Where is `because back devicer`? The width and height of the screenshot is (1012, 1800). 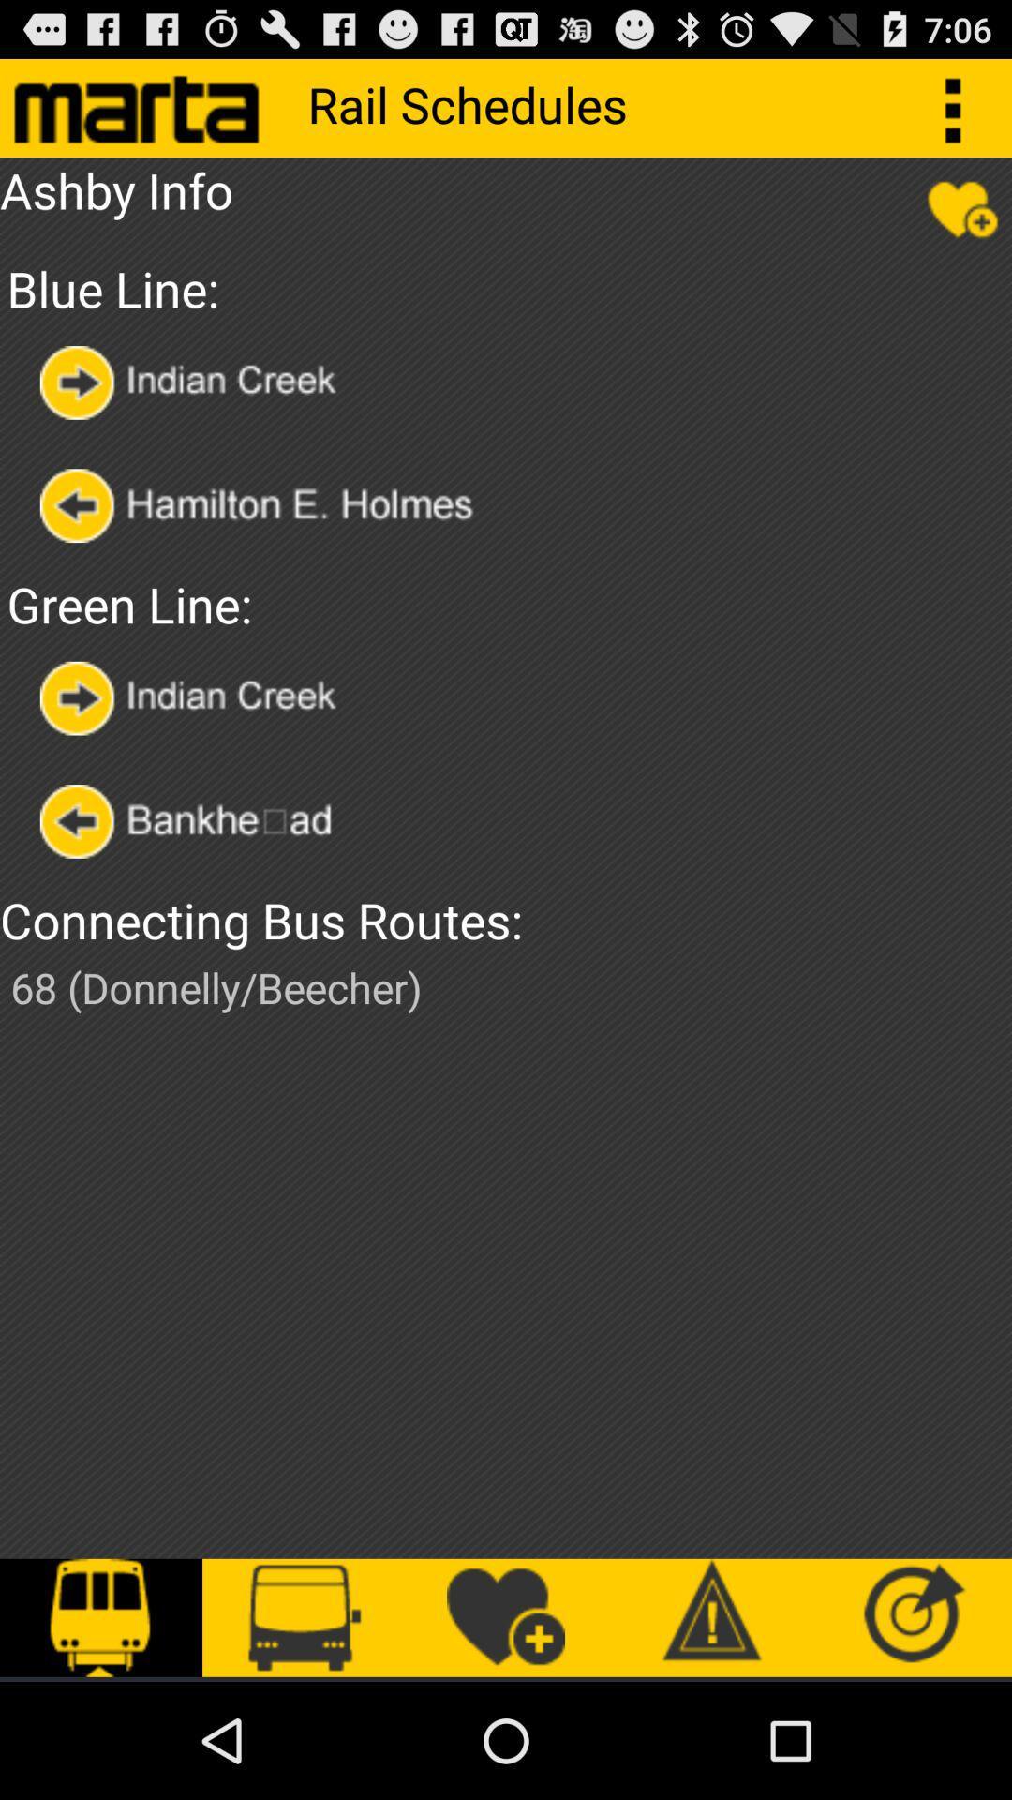 because back devicer is located at coordinates (283, 505).